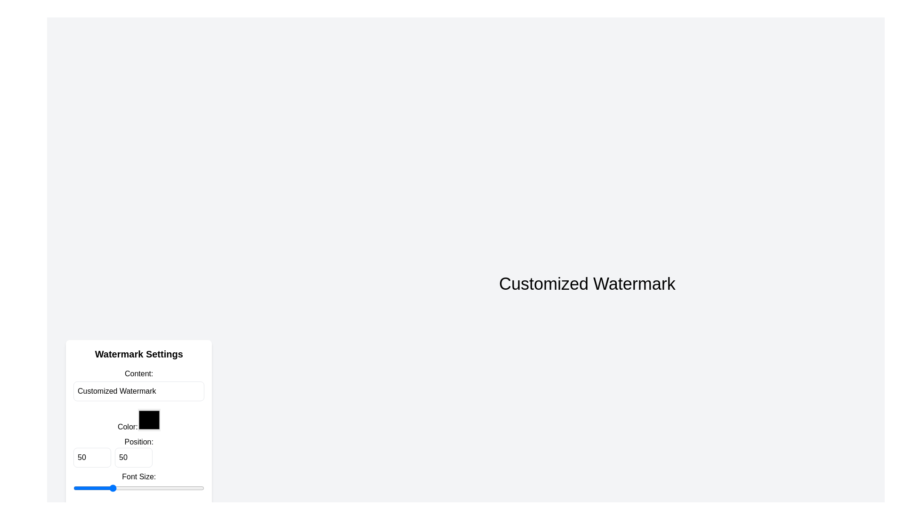  What do you see at coordinates (189, 487) in the screenshot?
I see `the font size` at bounding box center [189, 487].